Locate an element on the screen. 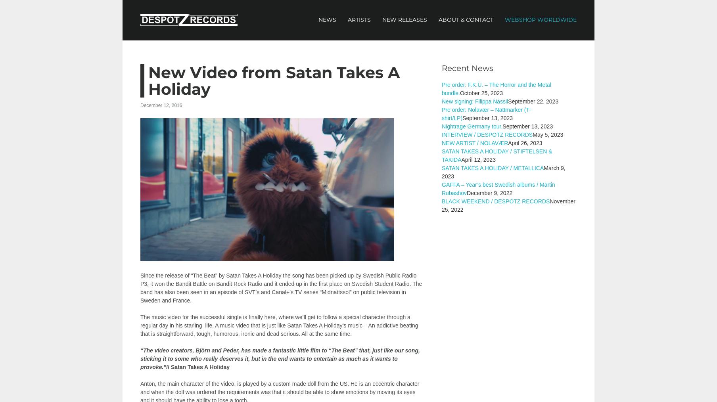  'Nightrage Germany tour.' is located at coordinates (472, 126).